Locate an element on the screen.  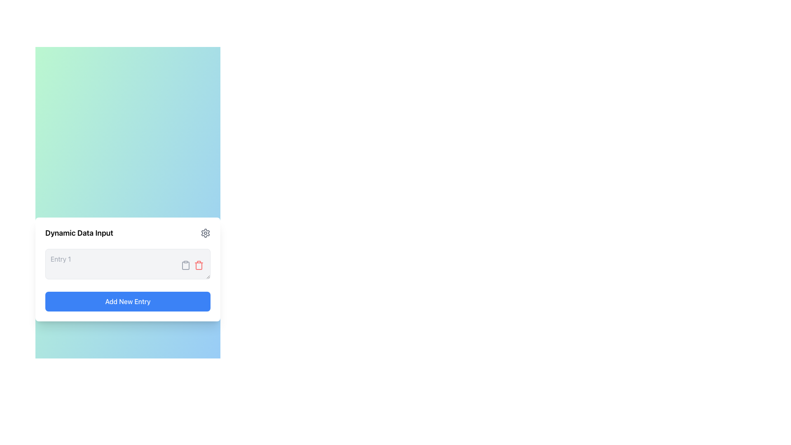
the label that serves as a title or heading for the surrounding section, located at the top-left corner of the user interface panel is located at coordinates (79, 233).